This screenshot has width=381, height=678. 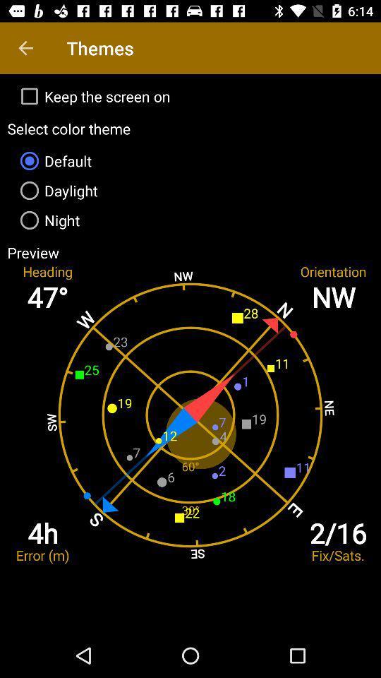 What do you see at coordinates (190, 161) in the screenshot?
I see `the icon below the select color theme` at bounding box center [190, 161].